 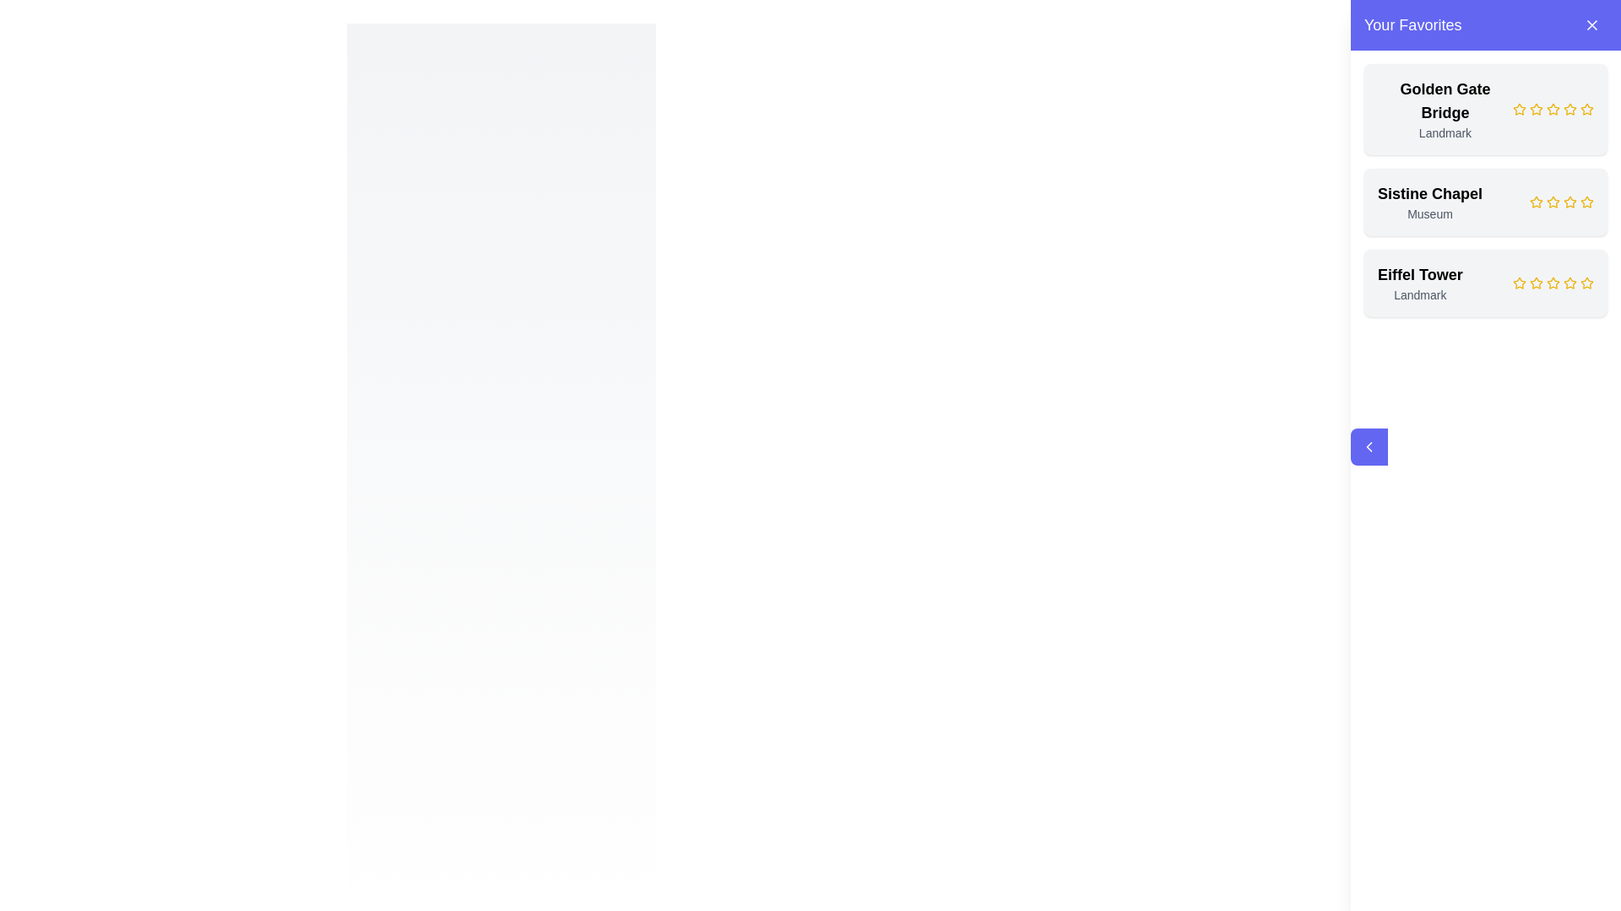 I want to click on the chevron icon located in the blue button on the left side of the vertical sidebar, so click(x=1369, y=445).